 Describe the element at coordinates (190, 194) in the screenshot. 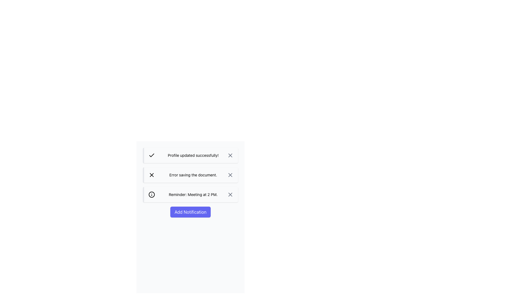

I see `the notification block with a light background and a close button, located in the third position among similar blocks` at that location.